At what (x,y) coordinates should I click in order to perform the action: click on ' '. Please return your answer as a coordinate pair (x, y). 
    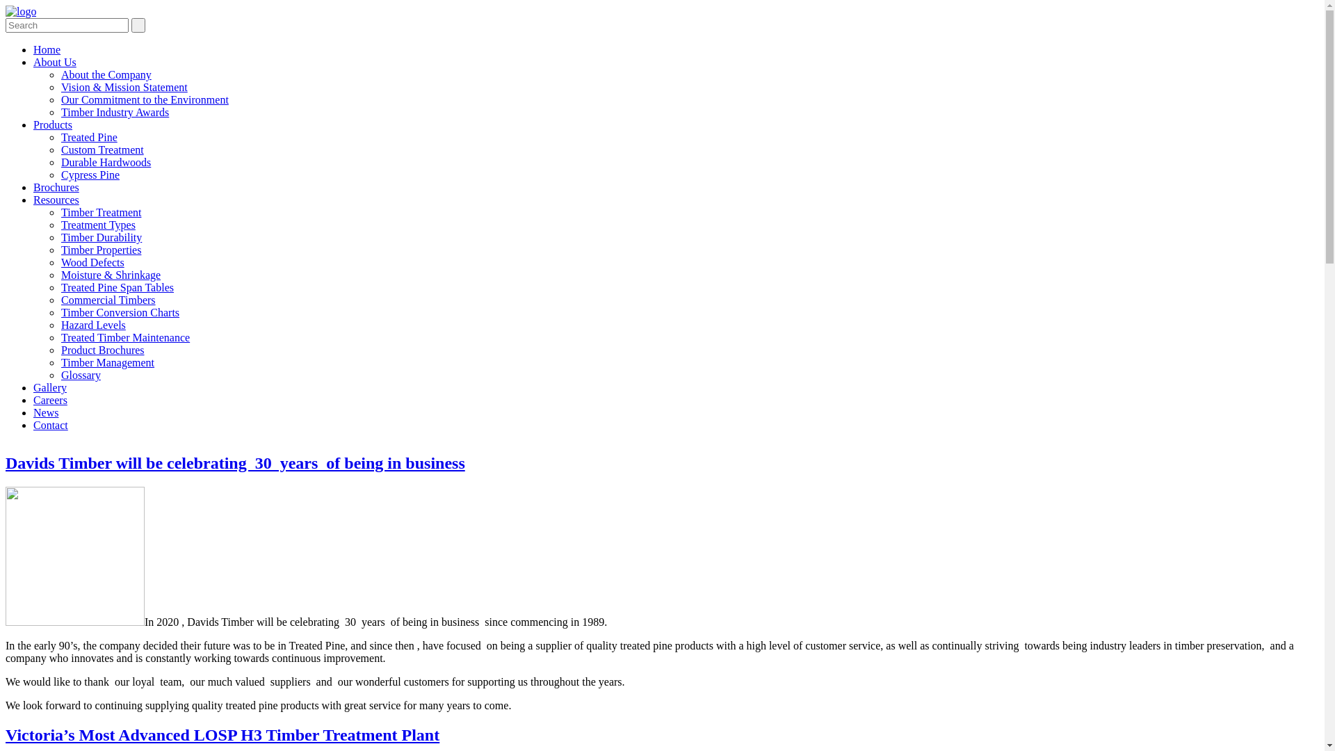
    Looking at the image, I should click on (138, 25).